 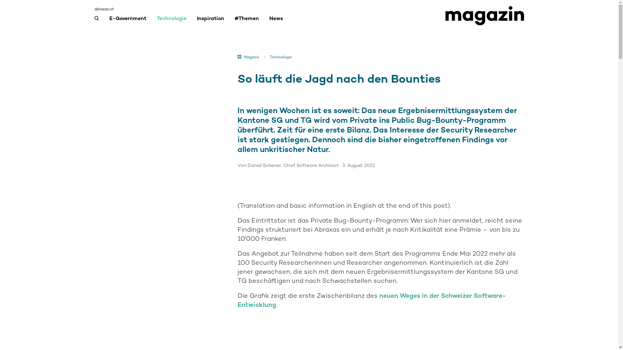 What do you see at coordinates (372, 300) in the screenshot?
I see `'neuen Weges in der Schweizer Software-Entwicklung'` at bounding box center [372, 300].